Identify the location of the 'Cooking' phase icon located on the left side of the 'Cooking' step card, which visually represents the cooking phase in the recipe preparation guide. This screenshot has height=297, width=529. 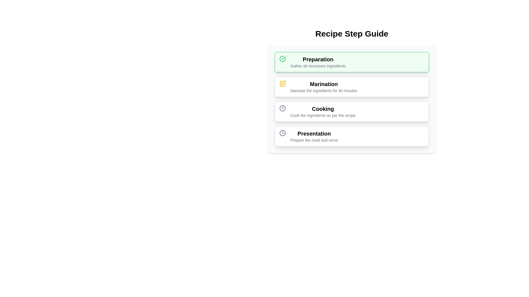
(283, 108).